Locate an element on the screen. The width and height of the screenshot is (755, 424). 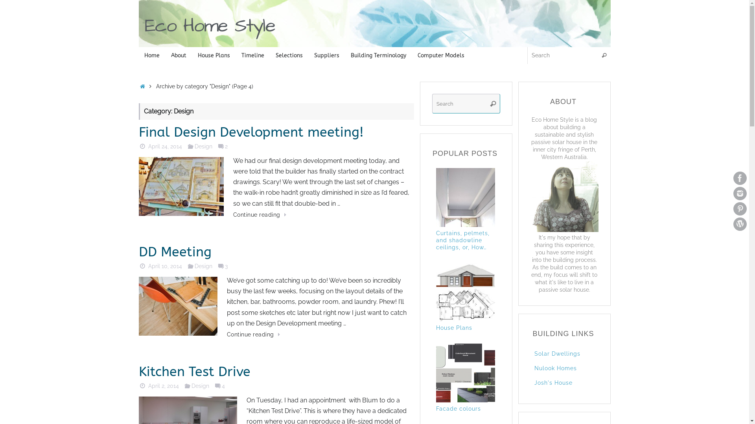
'3 Comments' is located at coordinates (220, 265).